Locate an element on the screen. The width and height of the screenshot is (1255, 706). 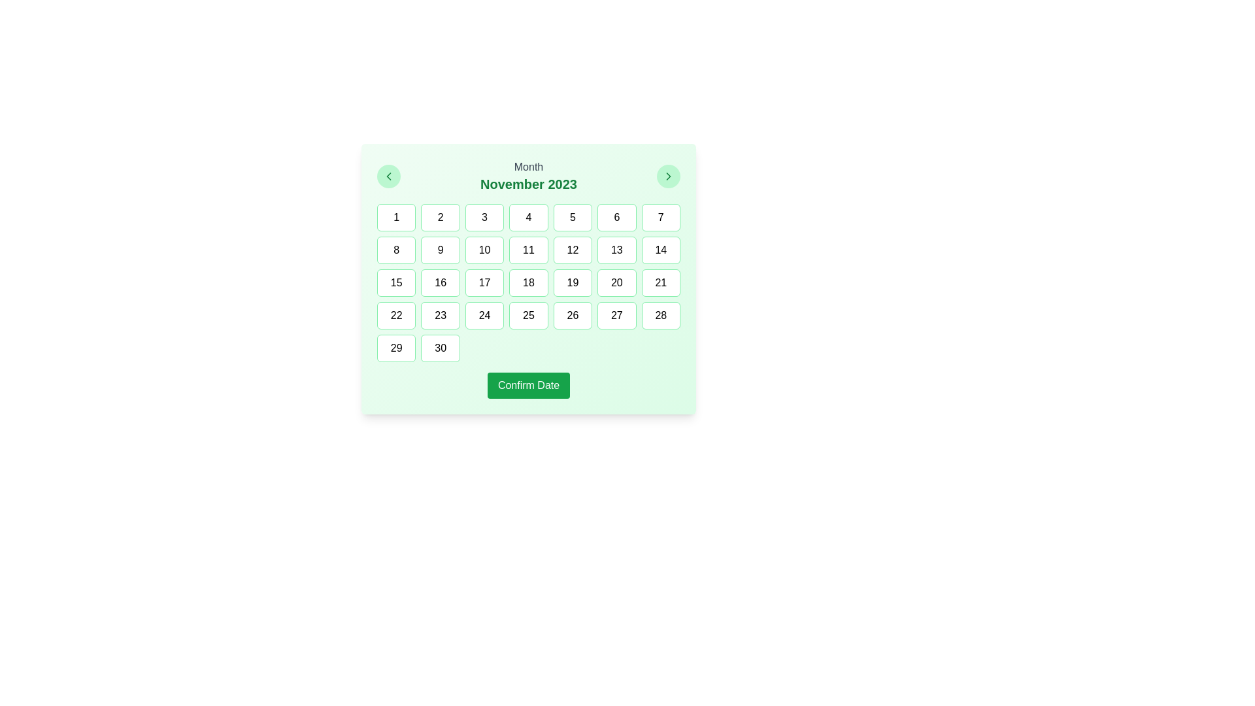
the graphical icon resembling a rightward chevron, which is styled with thin green strokes and located inside a circular green button in the top-right corner of the calendar interface is located at coordinates (668, 176).